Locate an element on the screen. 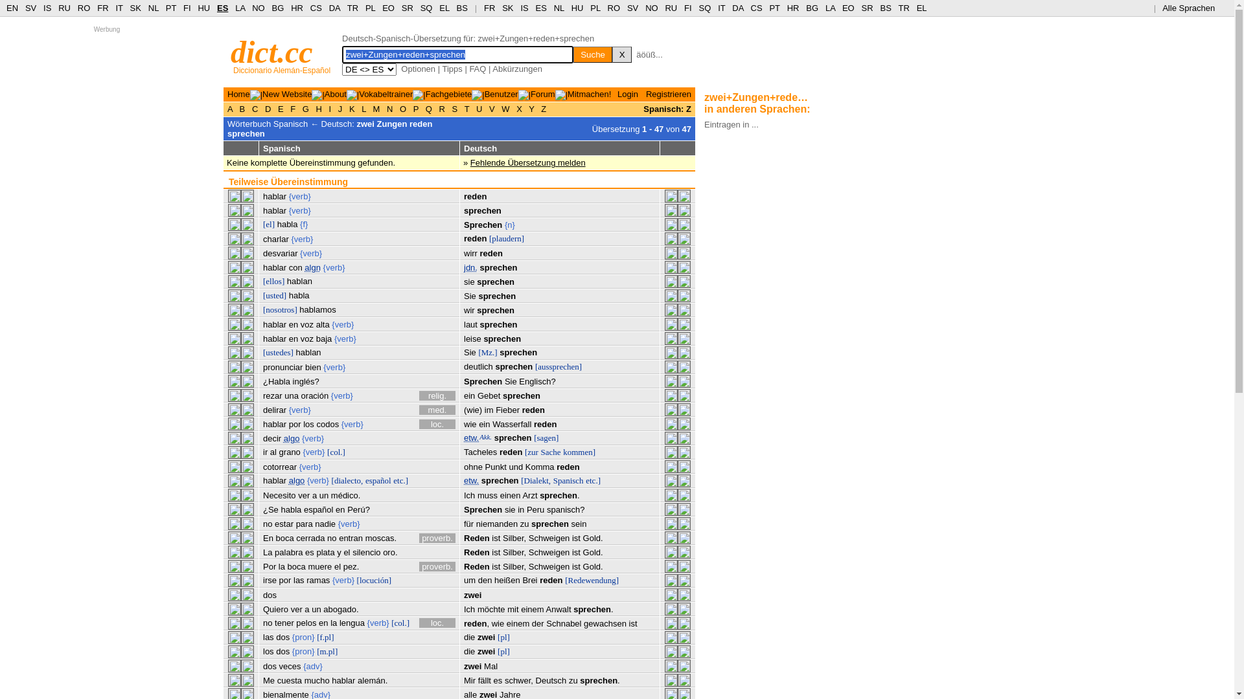 This screenshot has height=699, width=1244. 'algn' is located at coordinates (312, 267).